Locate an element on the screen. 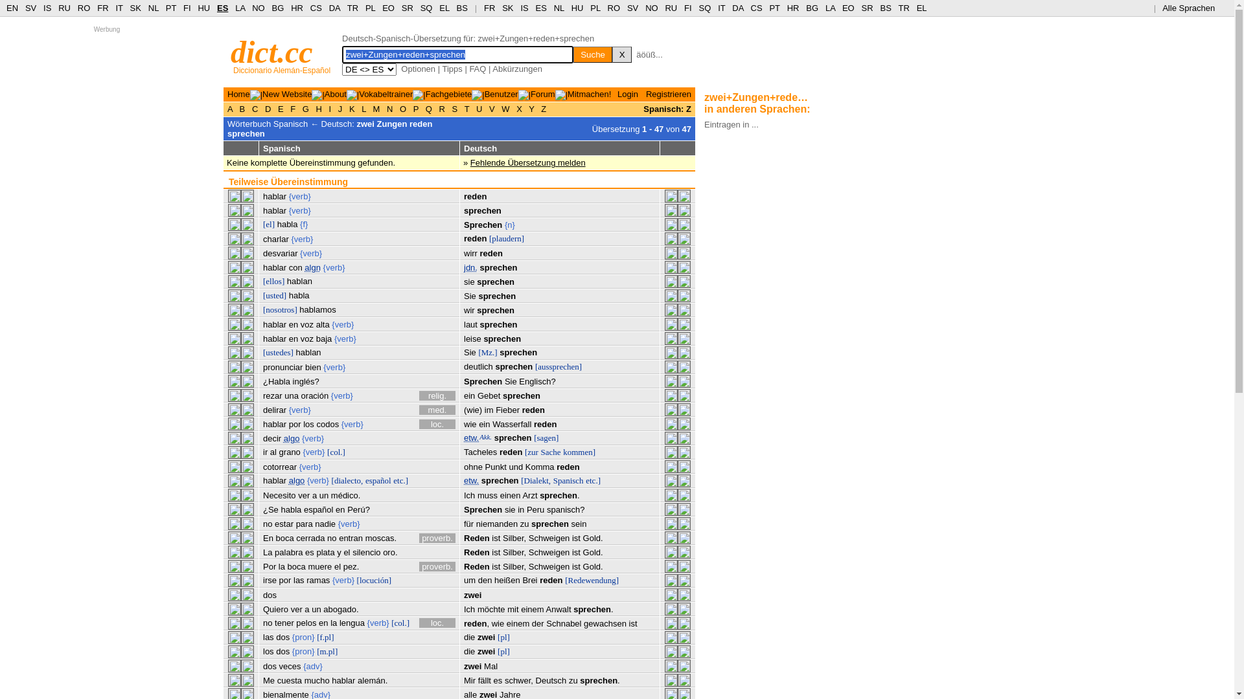 This screenshot has height=699, width=1244. 'algn' is located at coordinates (312, 267).